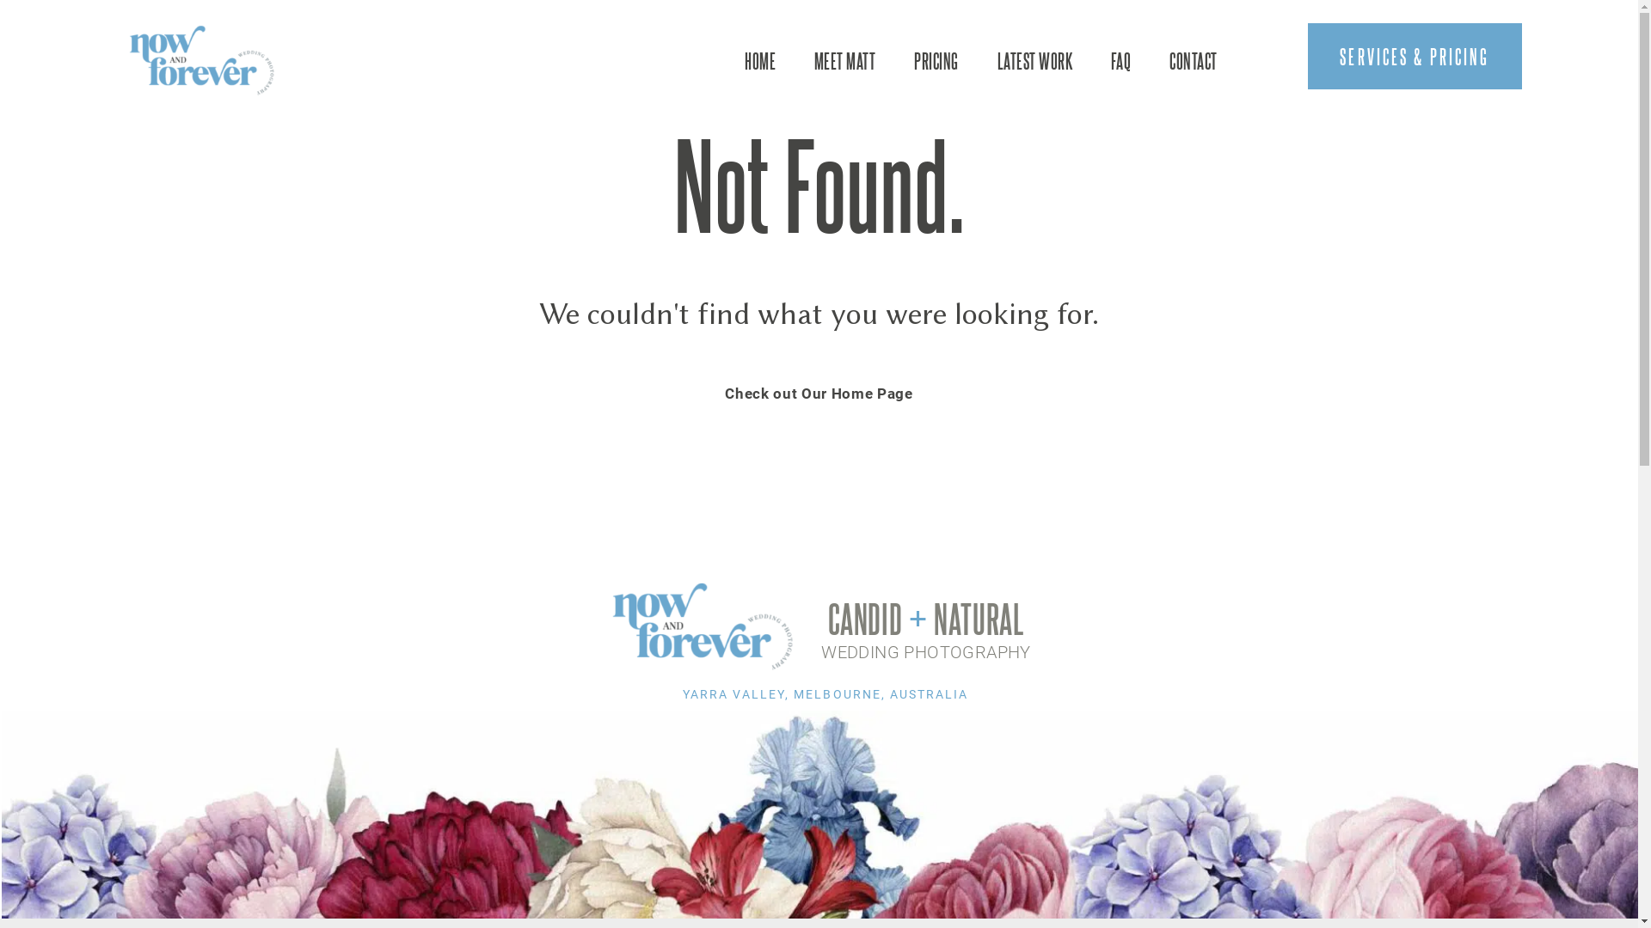  I want to click on 'FAQ', so click(1120, 59).